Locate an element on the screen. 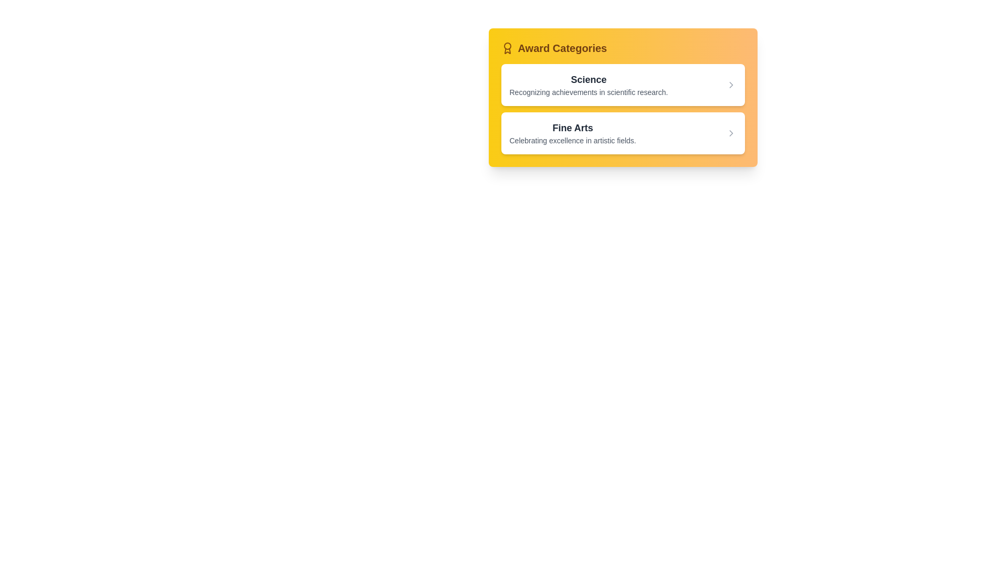 This screenshot has height=567, width=1008. the chevron icon located at the far right of the 'Fine Arts' row under the 'Award Categories' section is located at coordinates (730, 133).